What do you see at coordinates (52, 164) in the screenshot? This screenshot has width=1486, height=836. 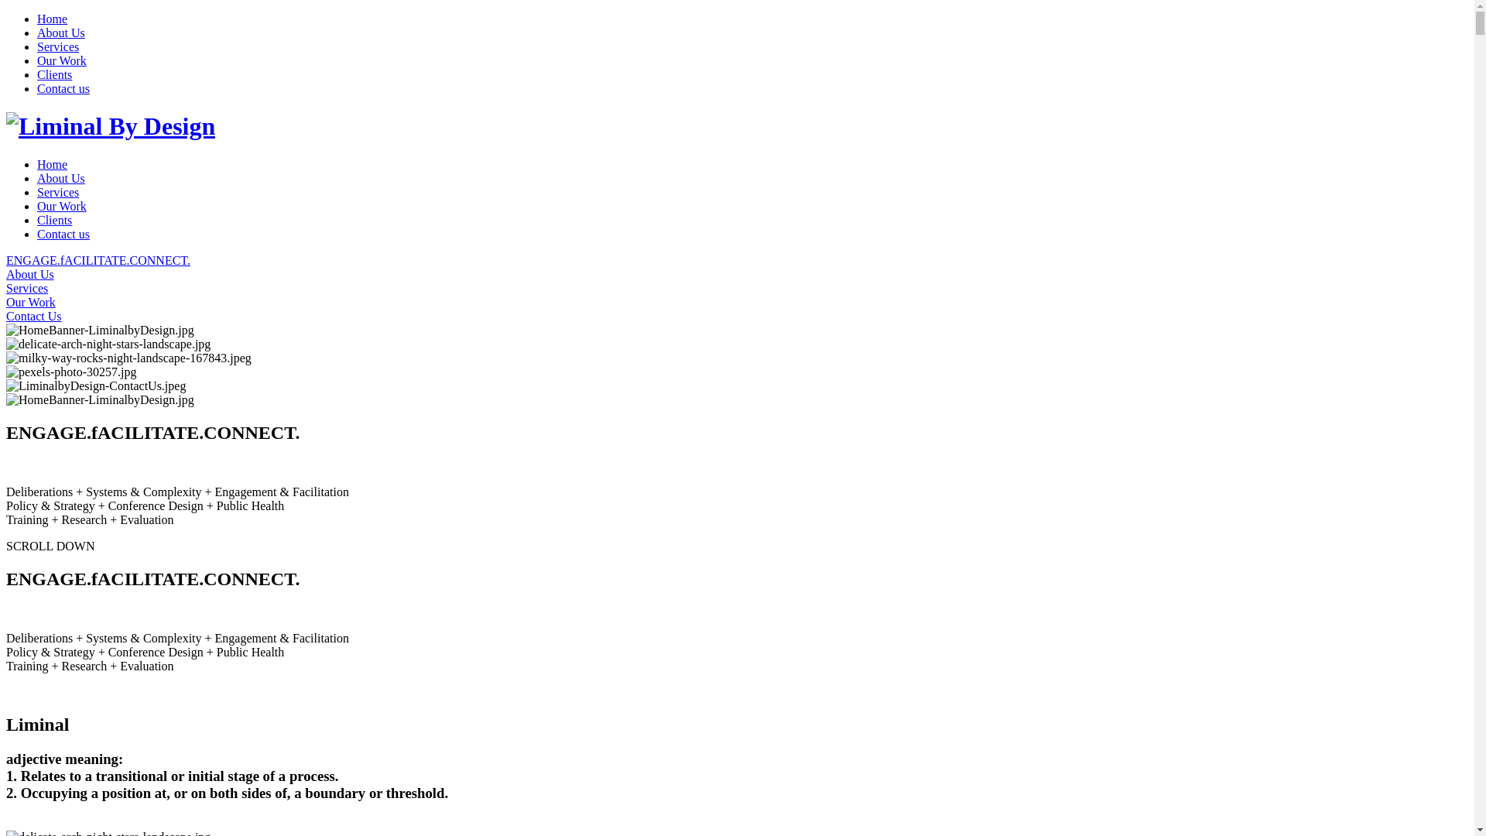 I see `'Home'` at bounding box center [52, 164].